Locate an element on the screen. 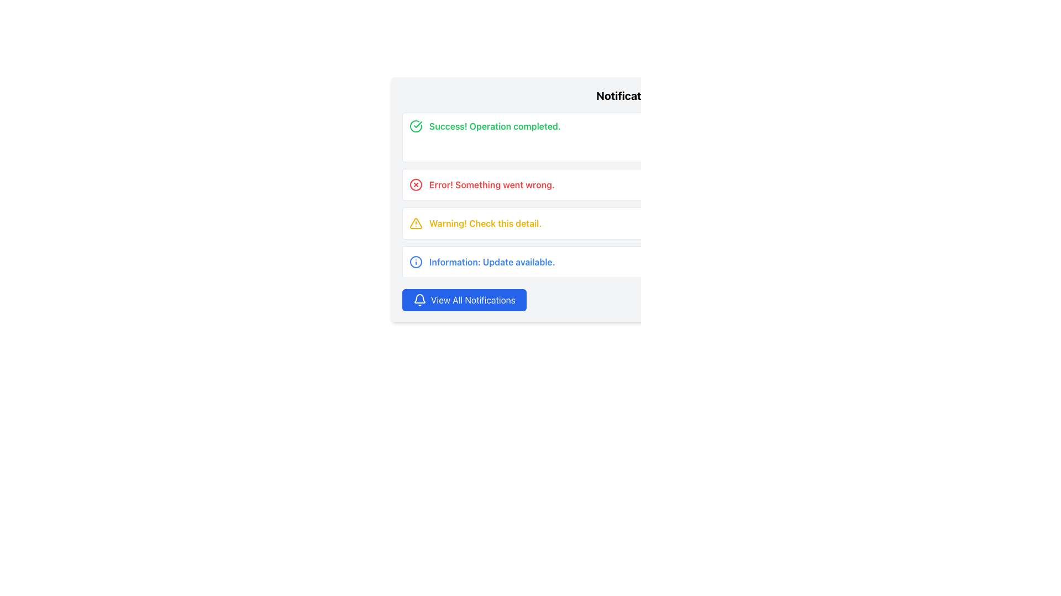 The height and width of the screenshot is (596, 1061). the 'Update' button of the fourth notification card in the notification dashboard is located at coordinates (656, 262).